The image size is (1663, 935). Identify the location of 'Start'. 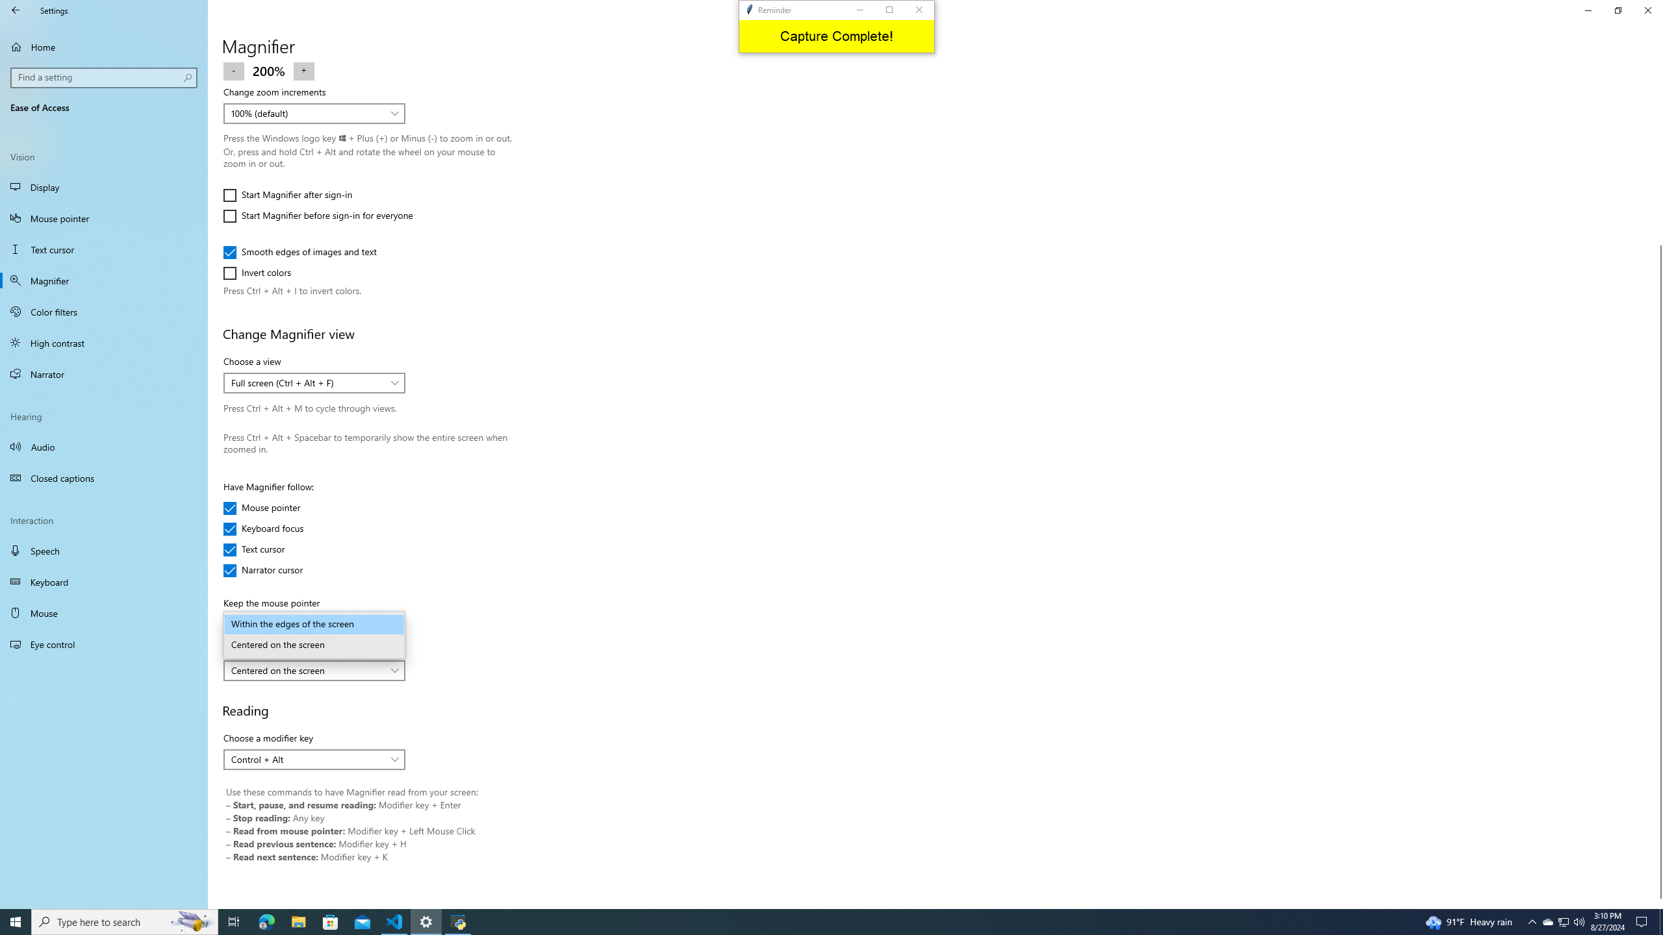
(16, 921).